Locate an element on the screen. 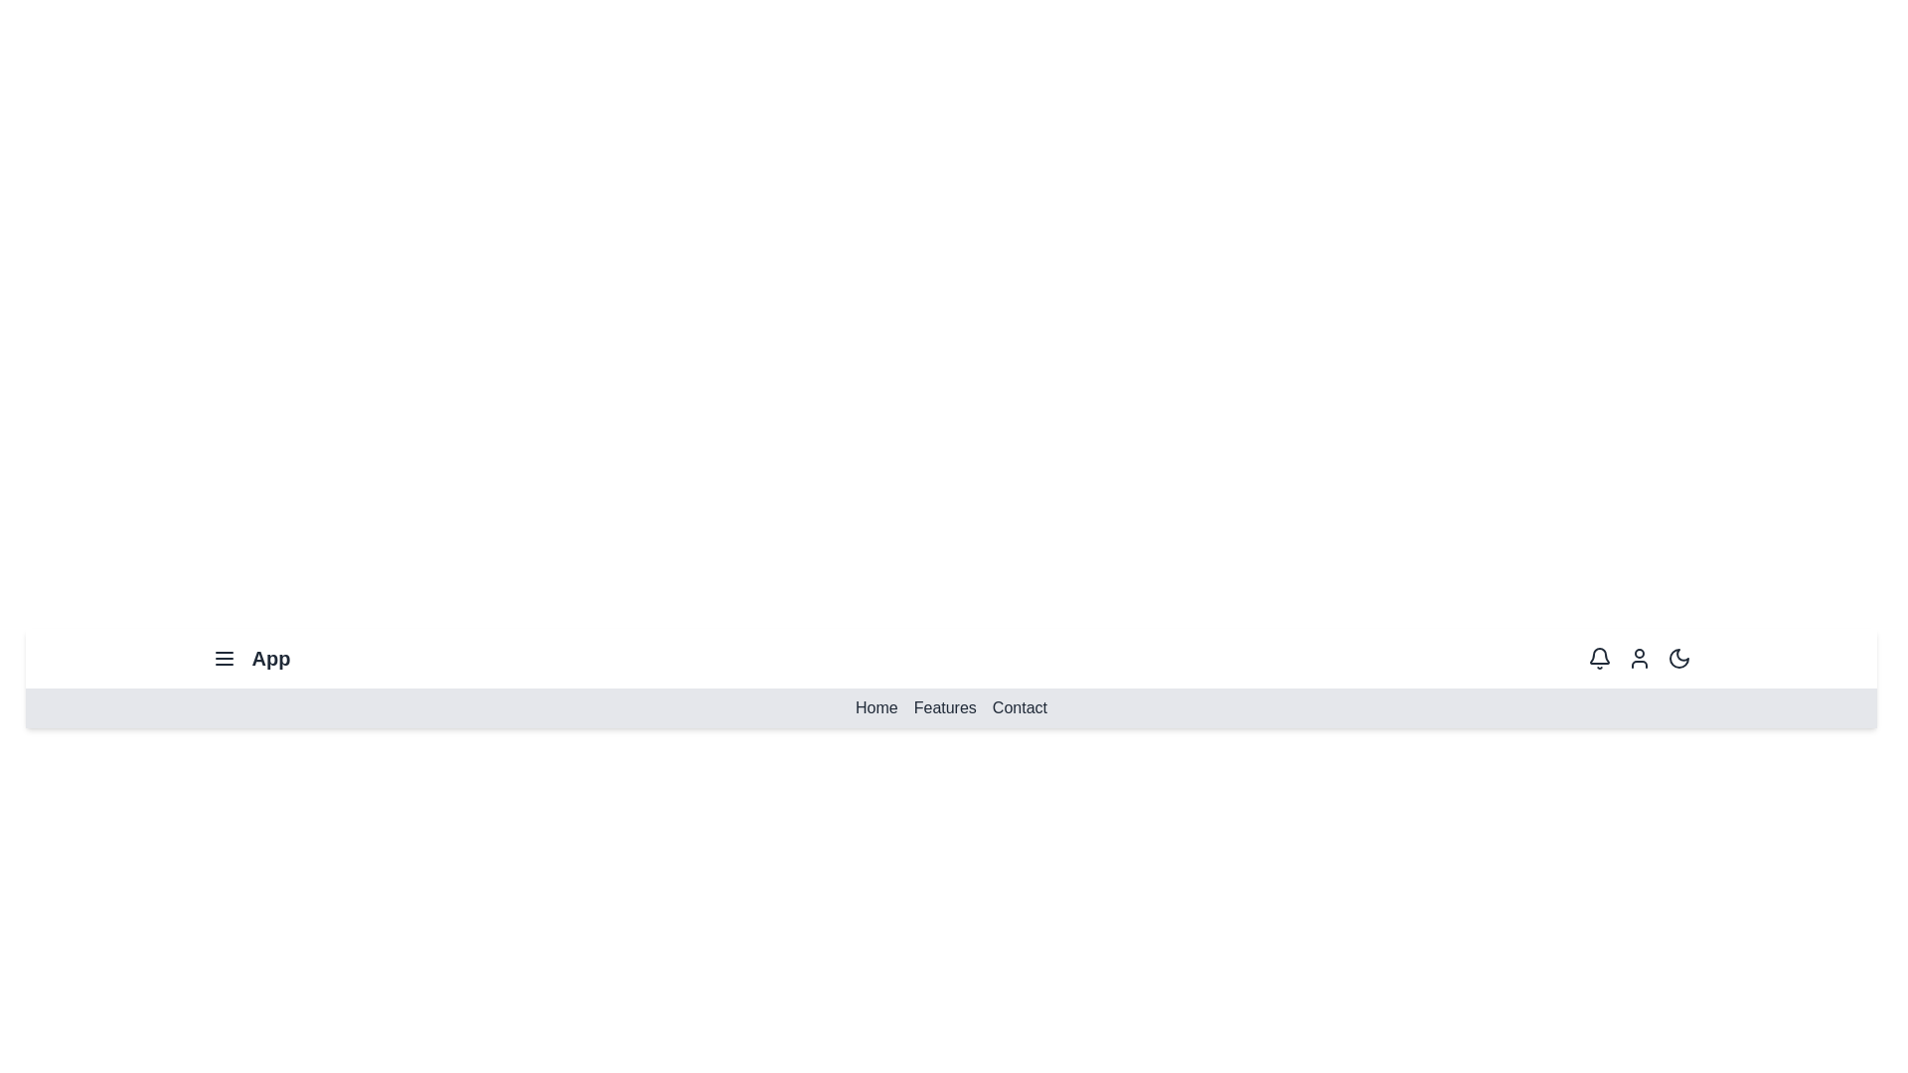  the 'Features' menu item to navigate to the Features section is located at coordinates (943, 706).